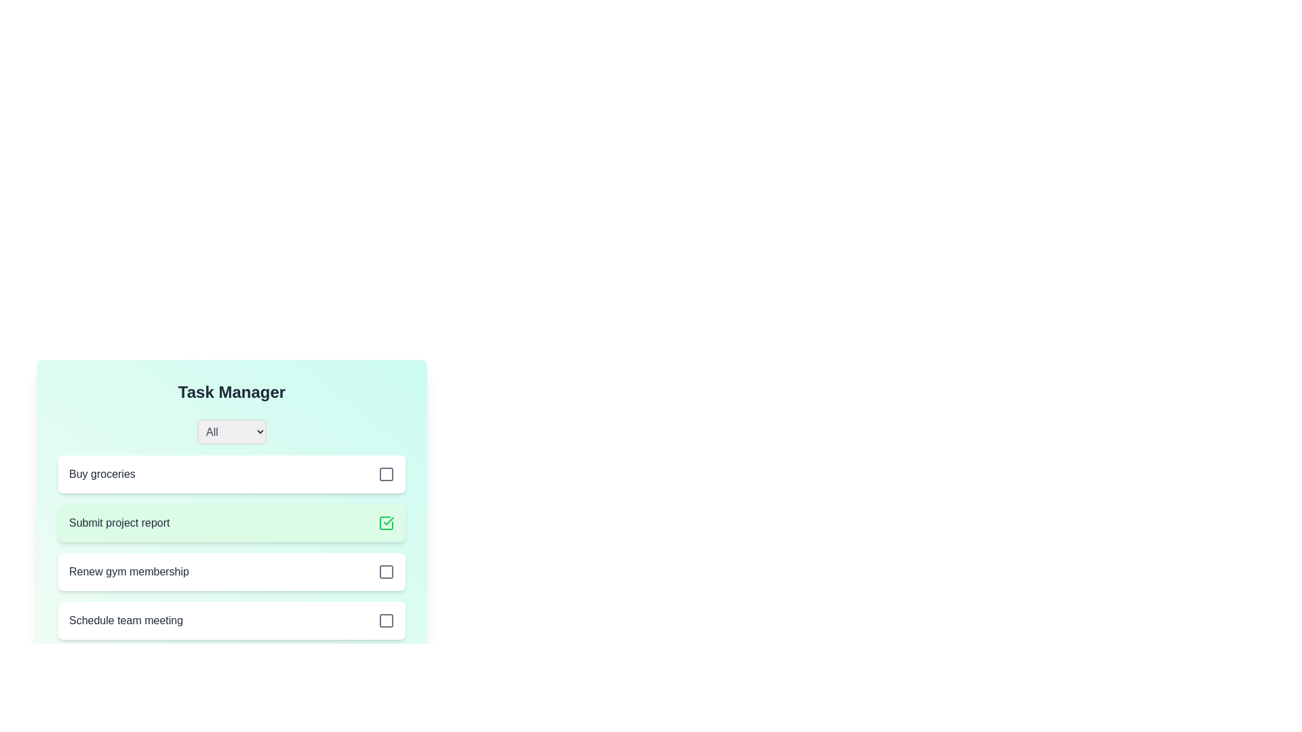 Image resolution: width=1302 pixels, height=732 pixels. I want to click on the filter category Personal from the dropdown menu, so click(231, 432).